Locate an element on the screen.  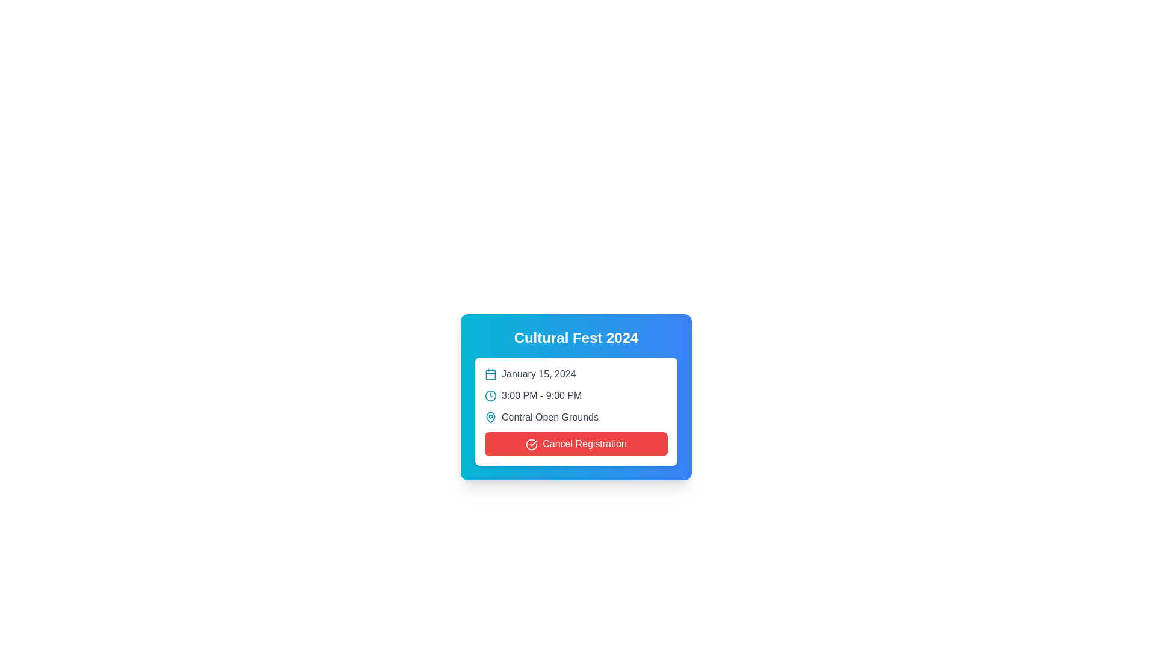
the circular icon with a check symbol inside the red button labeled 'Cancel Registration' at the bottom of the 'Cultural Fest 2024' card is located at coordinates (531, 444).